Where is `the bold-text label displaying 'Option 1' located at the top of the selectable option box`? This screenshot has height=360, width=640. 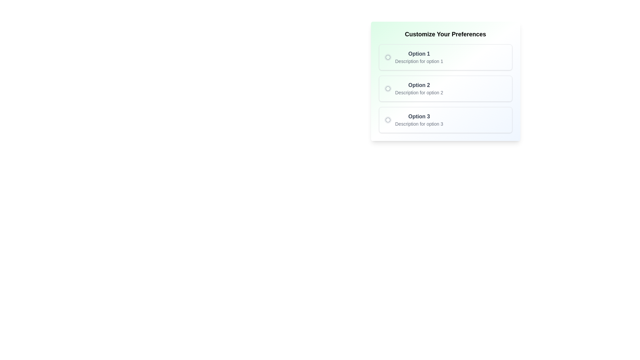
the bold-text label displaying 'Option 1' located at the top of the selectable option box is located at coordinates (419, 54).